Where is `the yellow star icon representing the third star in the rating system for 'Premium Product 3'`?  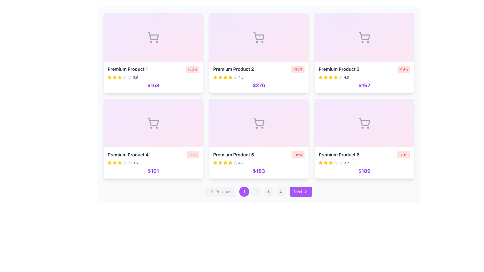 the yellow star icon representing the third star in the rating system for 'Premium Product 3' is located at coordinates (336, 77).